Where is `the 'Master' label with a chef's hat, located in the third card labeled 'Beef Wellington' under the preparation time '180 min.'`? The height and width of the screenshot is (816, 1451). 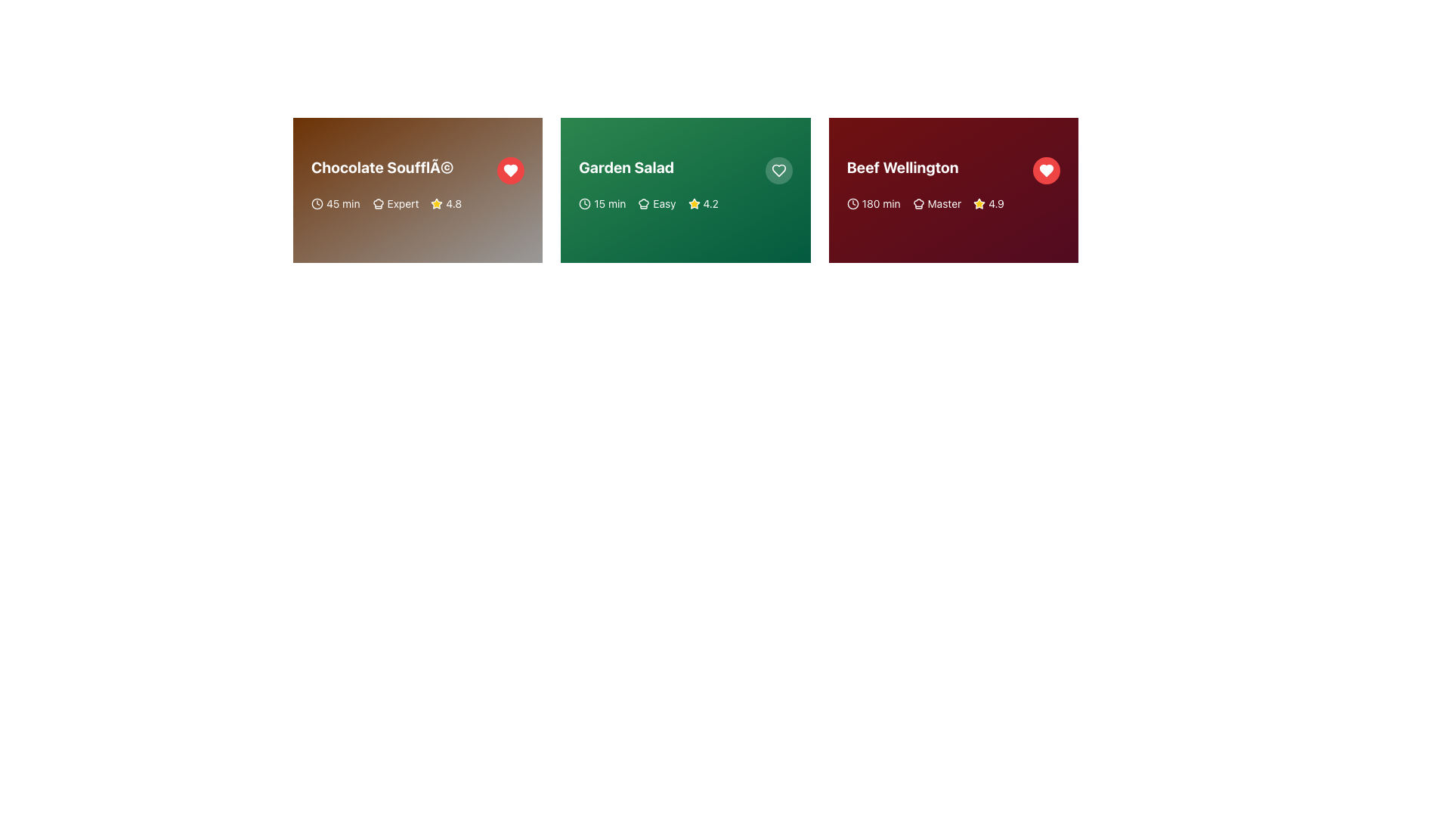 the 'Master' label with a chef's hat, located in the third card labeled 'Beef Wellington' under the preparation time '180 min.' is located at coordinates (936, 204).